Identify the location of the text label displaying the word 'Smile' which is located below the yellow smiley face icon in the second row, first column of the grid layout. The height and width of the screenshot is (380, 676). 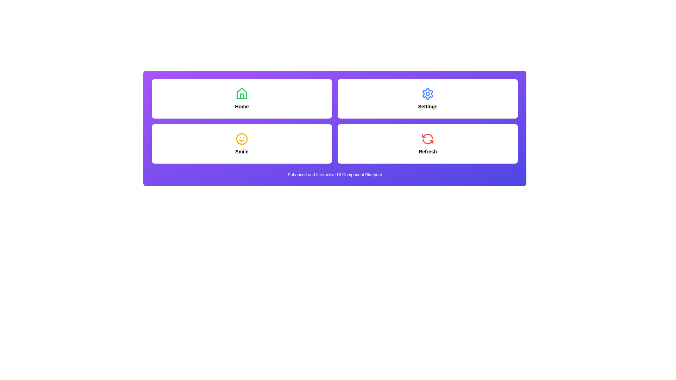
(242, 151).